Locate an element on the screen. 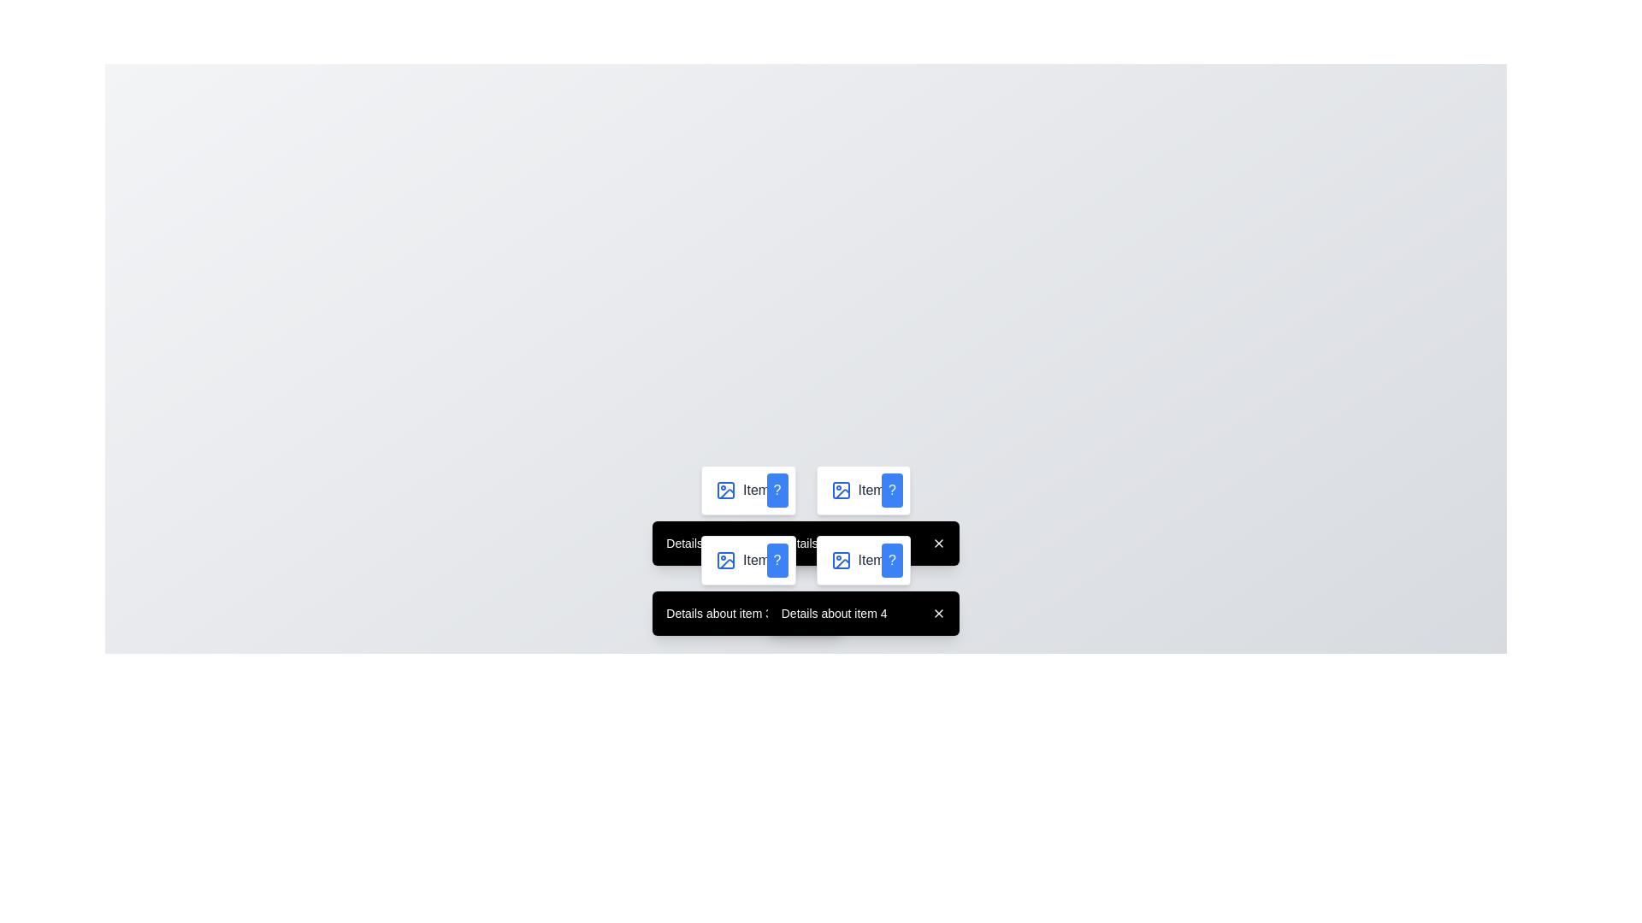 The height and width of the screenshot is (923, 1642). the 'Item 4' label or its adjacent graphic icon located in the middle row of the card interface is located at coordinates (862, 560).